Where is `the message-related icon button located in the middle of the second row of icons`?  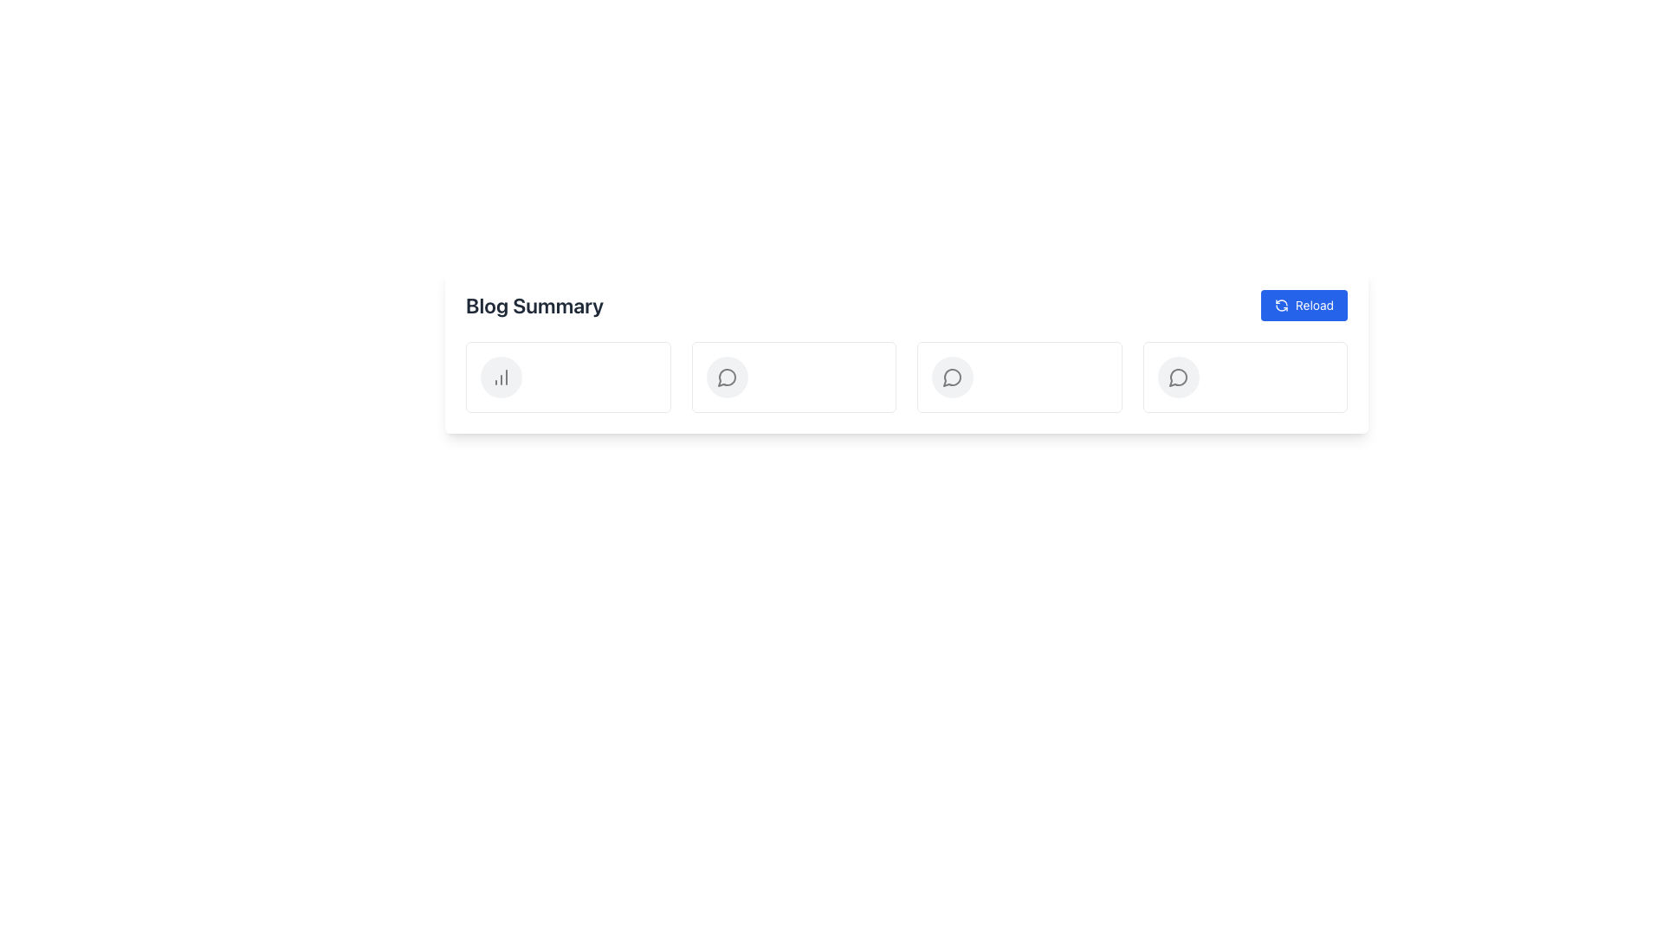
the message-related icon button located in the middle of the second row of icons is located at coordinates (951, 376).